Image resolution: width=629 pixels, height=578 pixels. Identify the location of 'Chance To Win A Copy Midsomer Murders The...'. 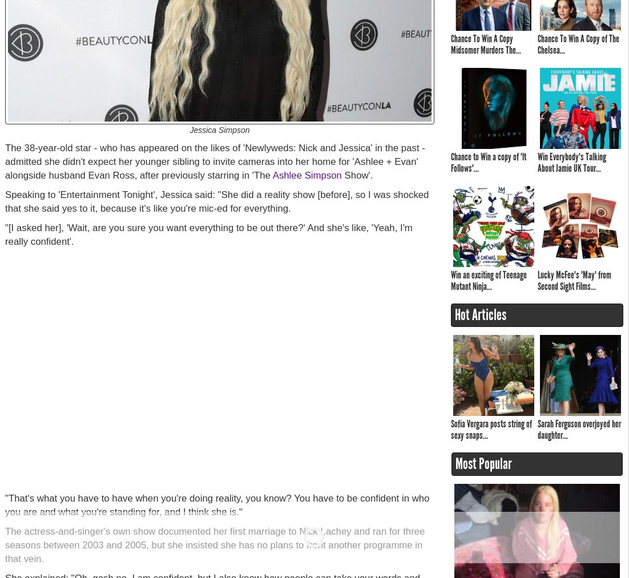
(450, 44).